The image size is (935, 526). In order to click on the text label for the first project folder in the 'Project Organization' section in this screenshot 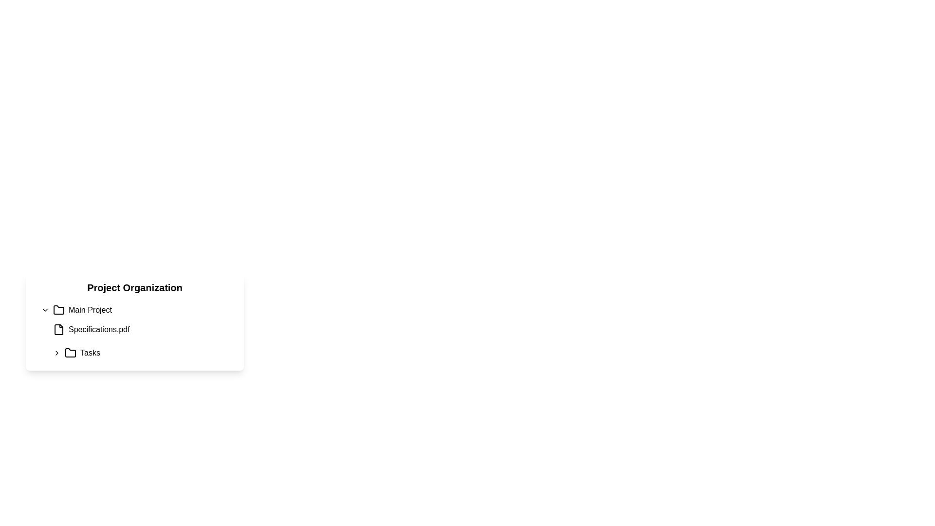, I will do `click(90, 310)`.